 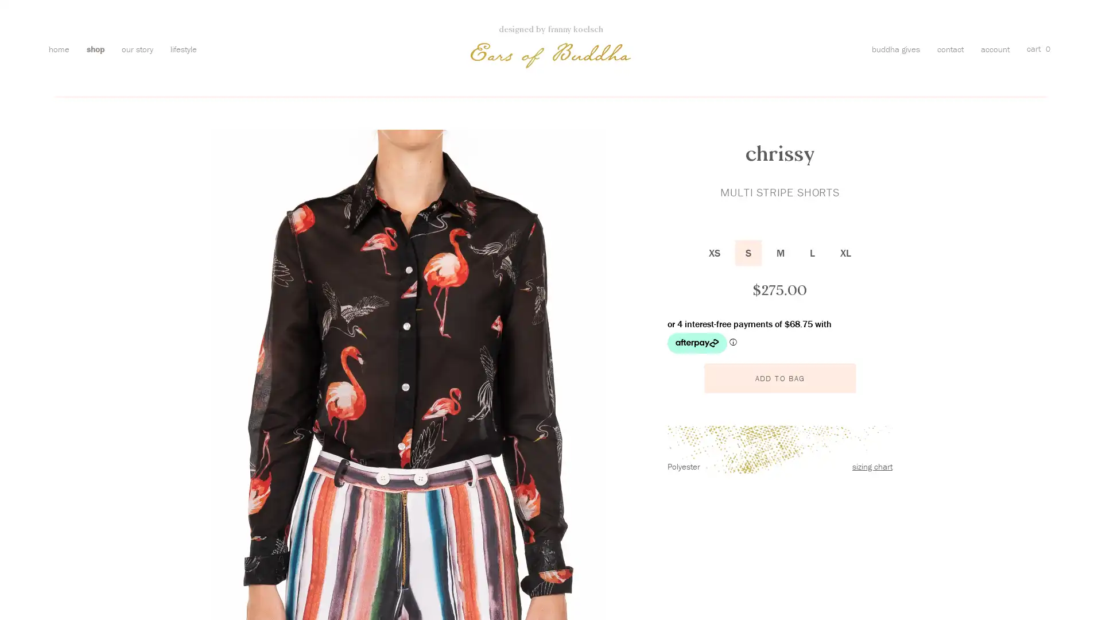 I want to click on Afterpay Information - Opens a dialog, so click(x=732, y=344).